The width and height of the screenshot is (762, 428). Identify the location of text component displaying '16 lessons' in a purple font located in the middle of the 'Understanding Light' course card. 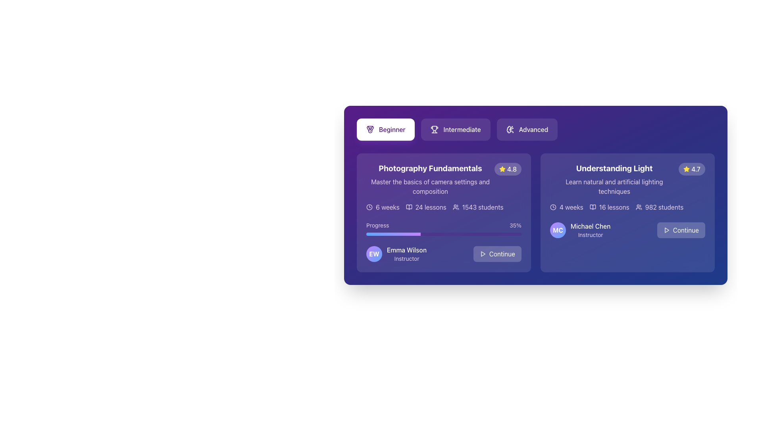
(614, 207).